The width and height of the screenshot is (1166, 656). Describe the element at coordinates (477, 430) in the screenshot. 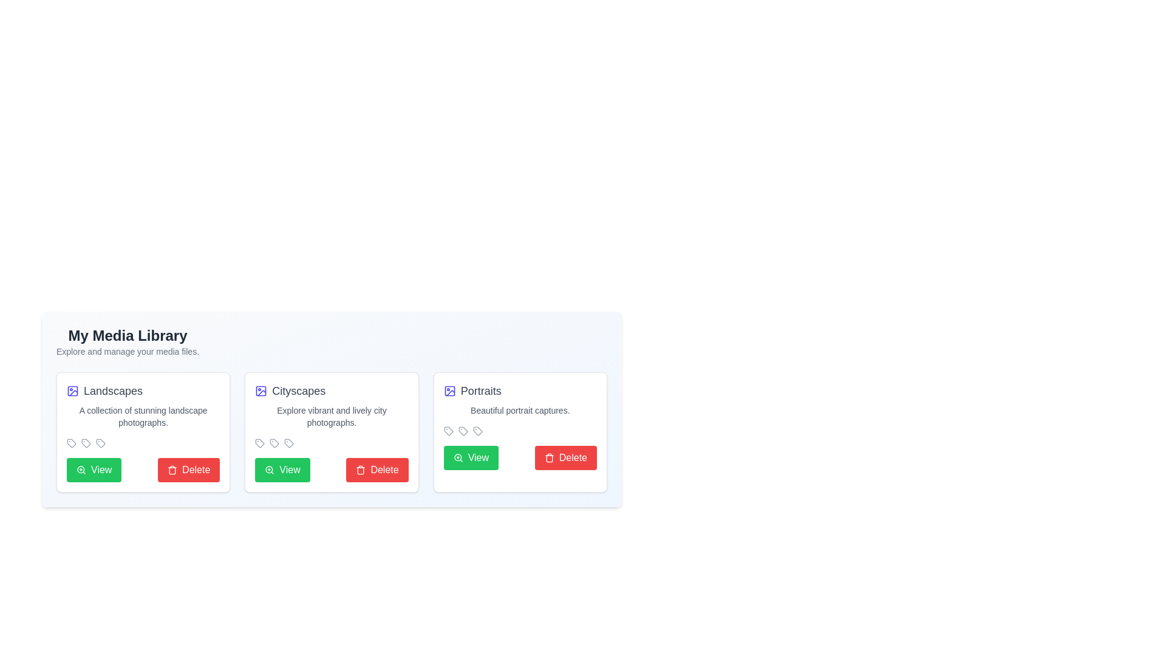

I see `the third tag icon in the second card labeled 'Cityscapes', which is a pale gray rounded rectangular tag with a small dot near the edge` at that location.